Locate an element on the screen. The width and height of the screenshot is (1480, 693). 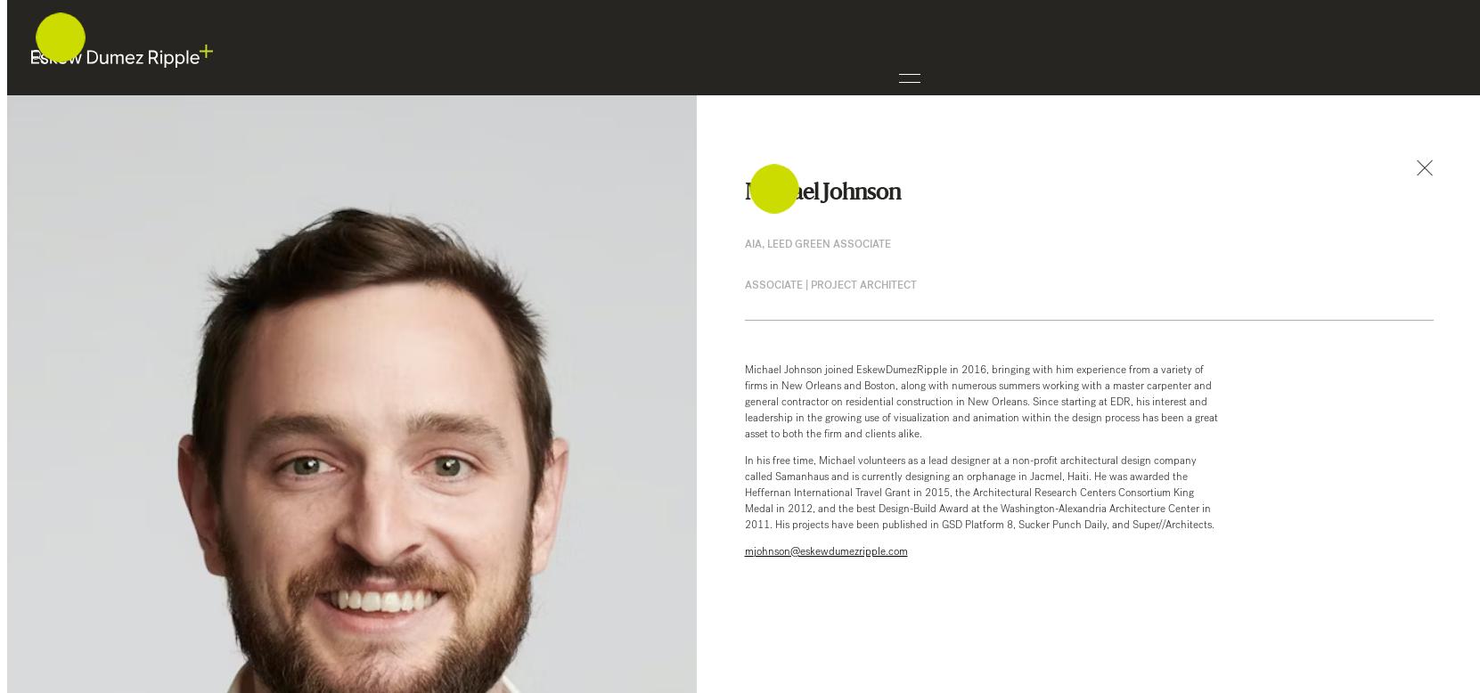
'Research and Innovation' is located at coordinates (142, 223).